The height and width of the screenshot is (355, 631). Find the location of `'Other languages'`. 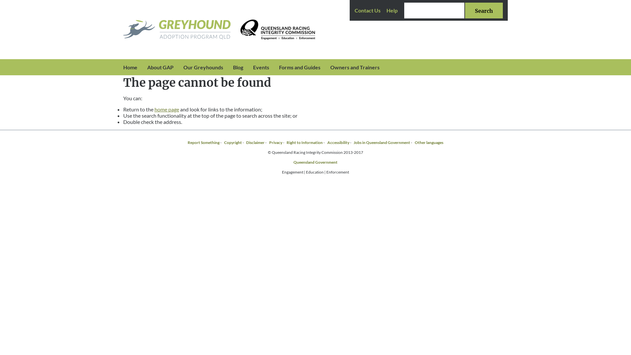

'Other languages' is located at coordinates (429, 142).